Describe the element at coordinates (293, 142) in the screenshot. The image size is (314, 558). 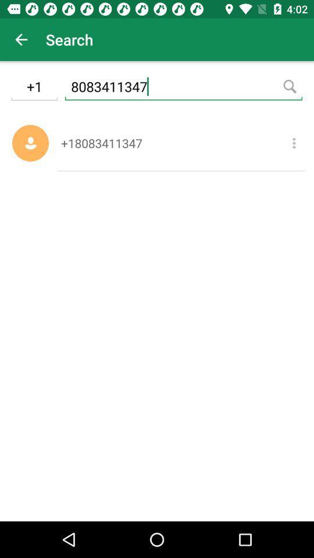
I see `item below the 8083411347` at that location.